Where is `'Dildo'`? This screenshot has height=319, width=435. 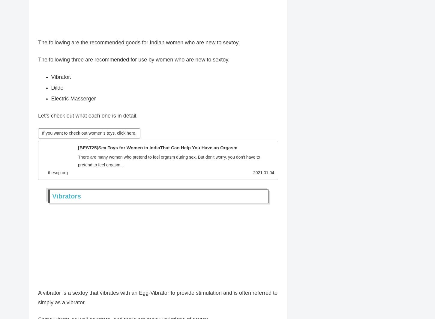
'Dildo' is located at coordinates (57, 89).